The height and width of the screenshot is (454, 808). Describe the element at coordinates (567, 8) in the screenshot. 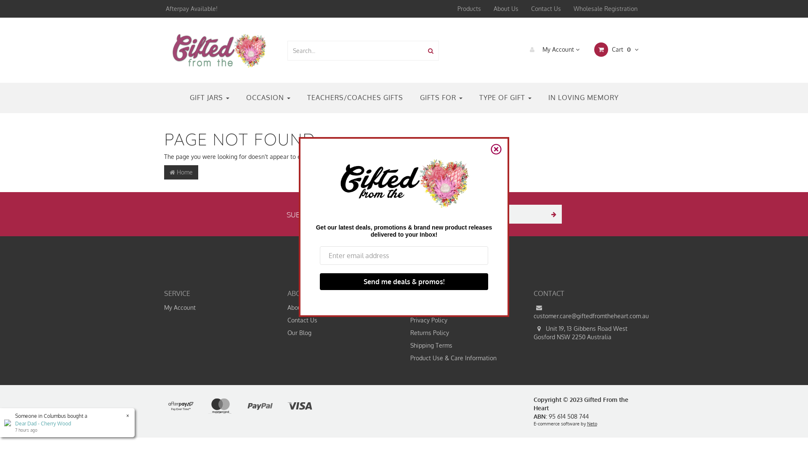

I see `'Wholesale Registration'` at that location.